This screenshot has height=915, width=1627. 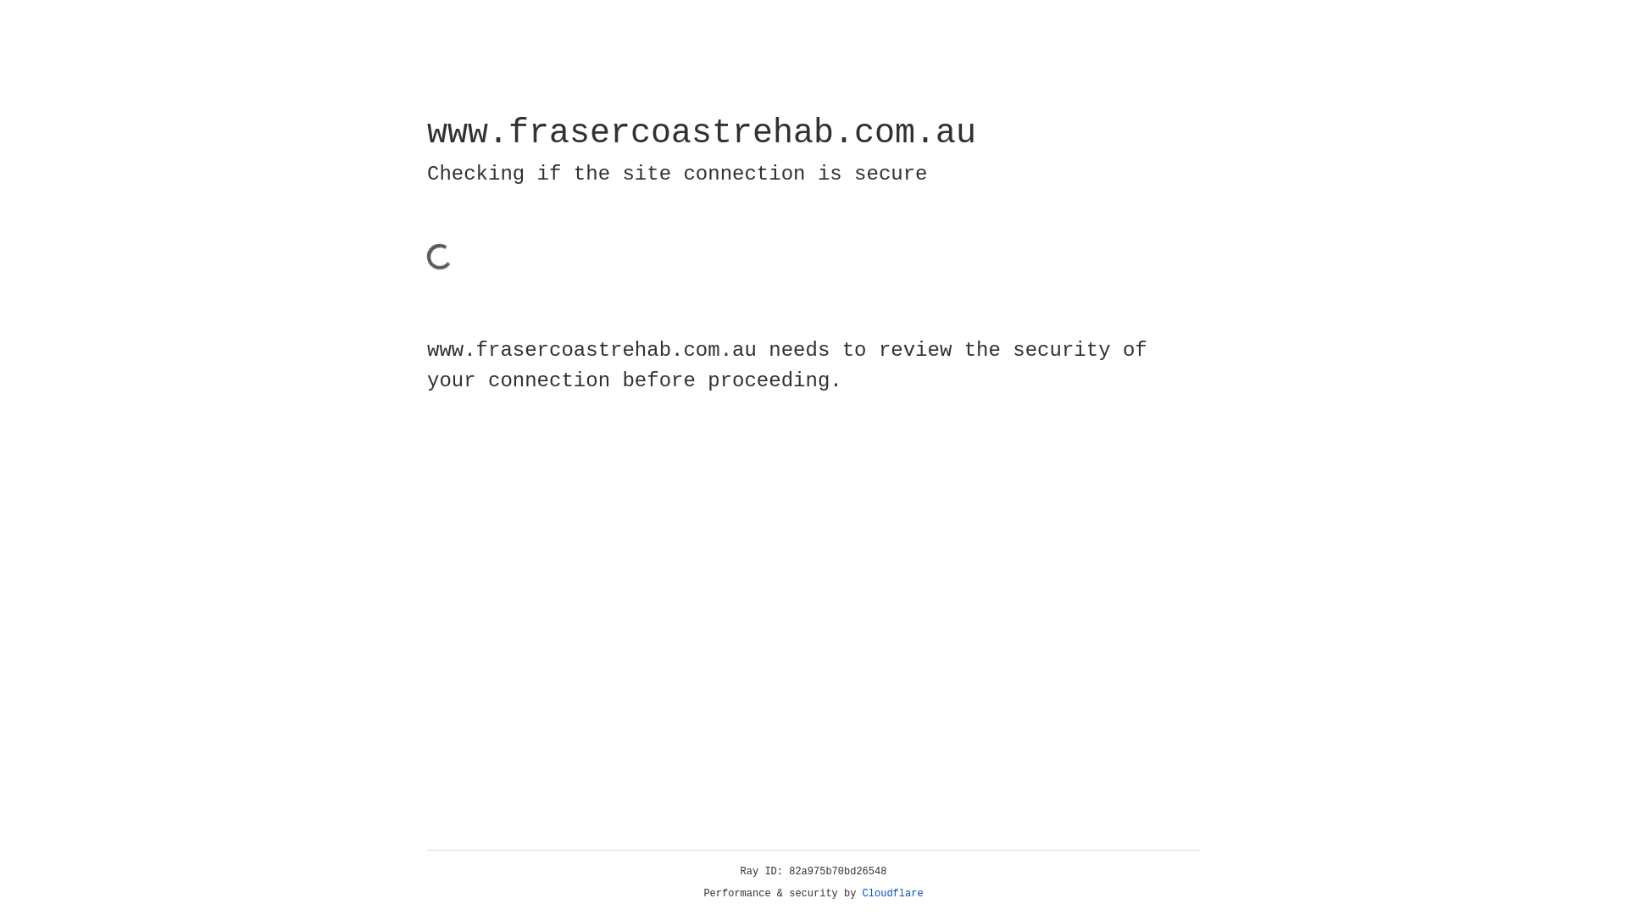 I want to click on 'Cloudflare', so click(x=862, y=893).